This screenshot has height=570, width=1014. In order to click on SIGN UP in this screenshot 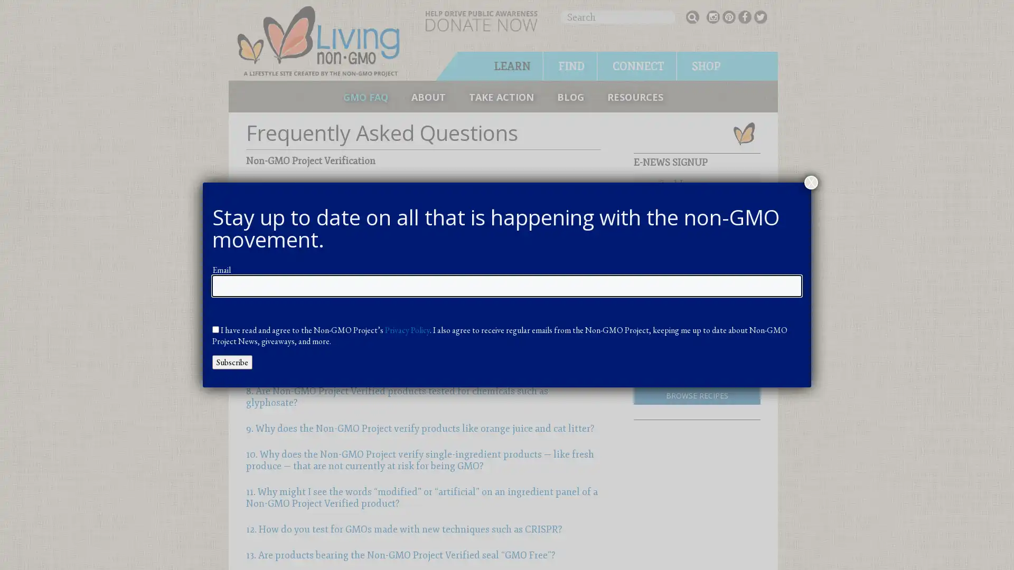, I will do `click(697, 211)`.